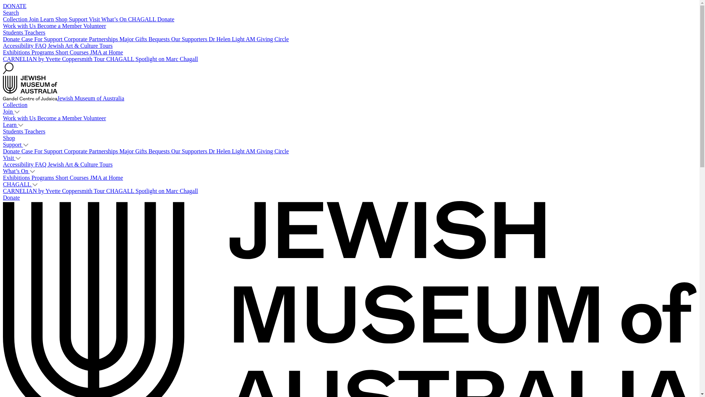 This screenshot has height=397, width=705. What do you see at coordinates (248, 151) in the screenshot?
I see `'Dr Helen Light AM Giving Circle'` at bounding box center [248, 151].